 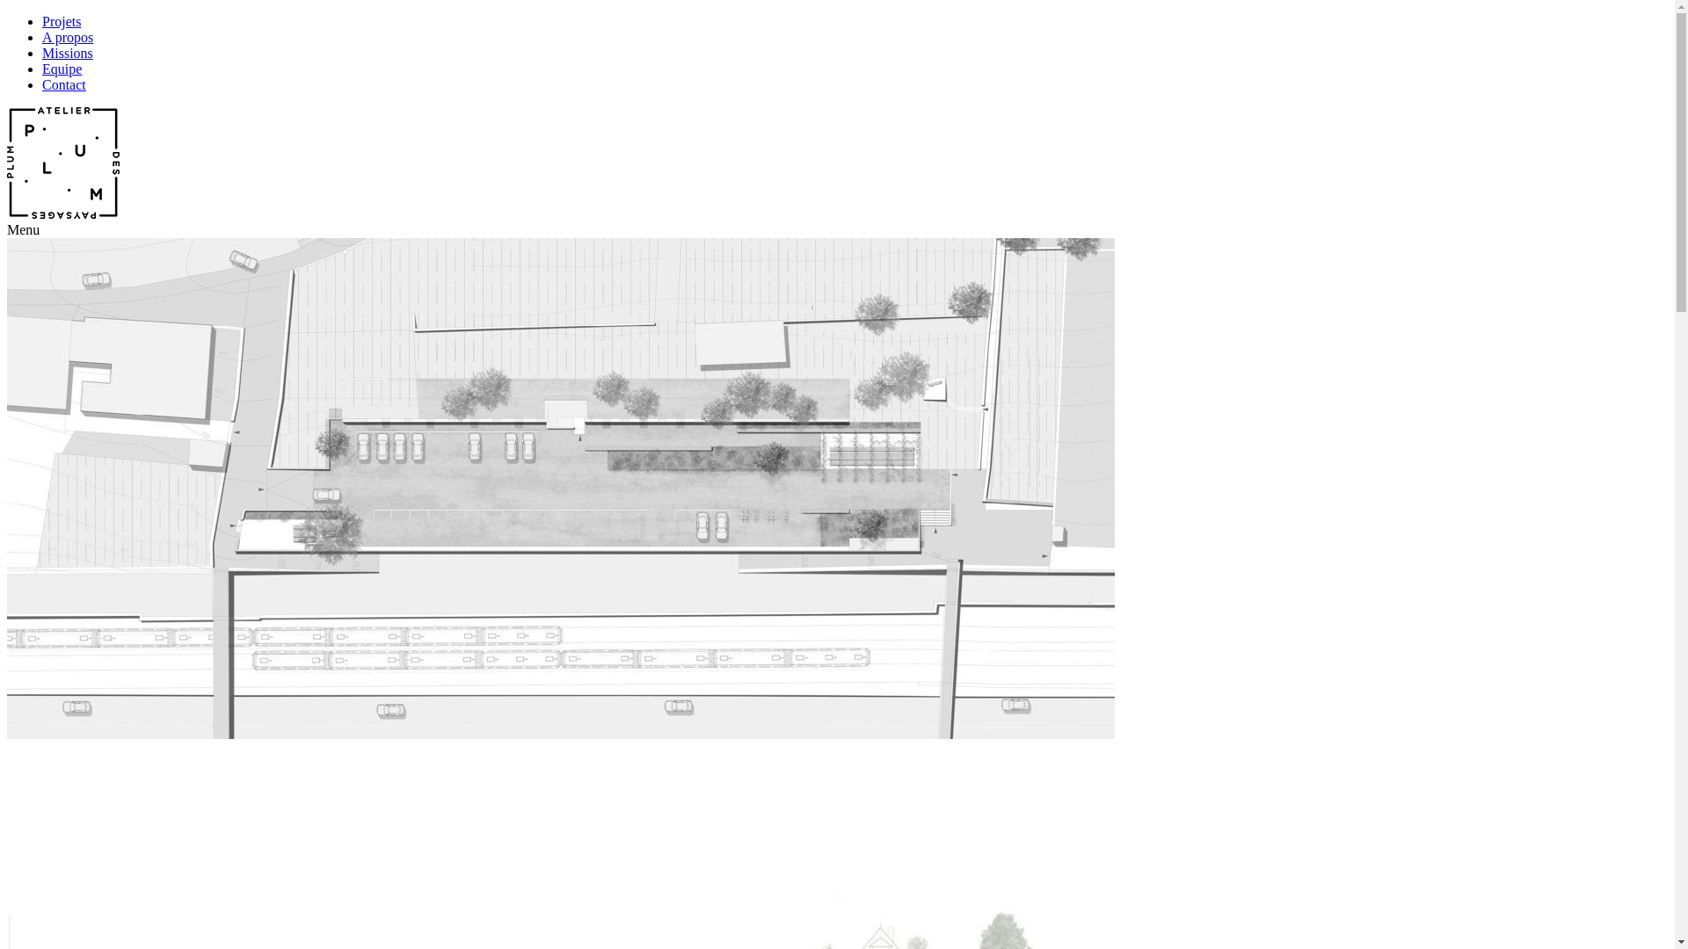 I want to click on 'Equipe', so click(x=42, y=68).